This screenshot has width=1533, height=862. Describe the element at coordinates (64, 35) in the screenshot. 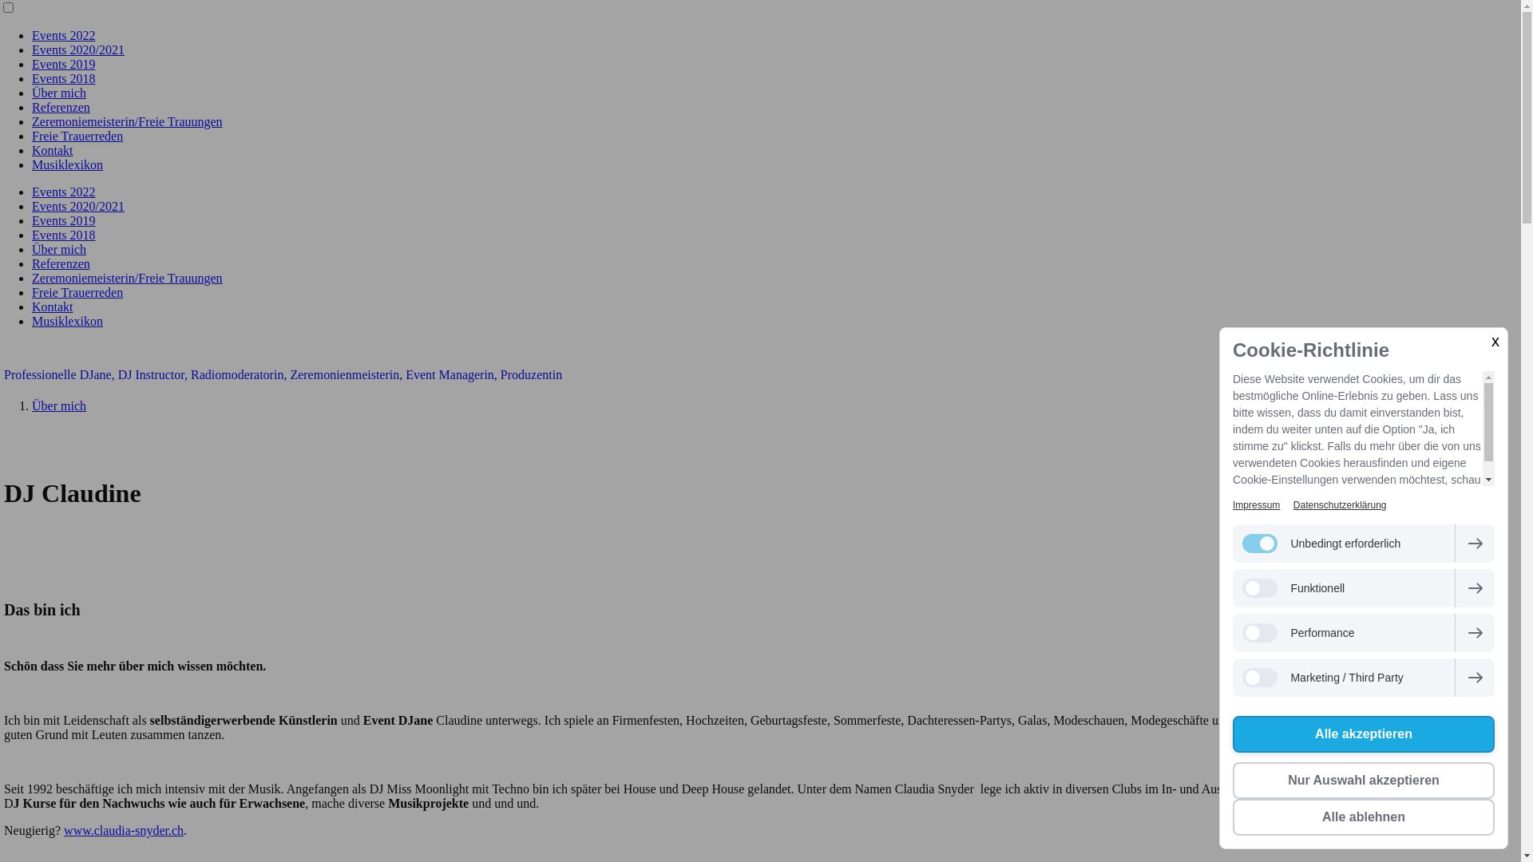

I see `'Events 2022'` at that location.